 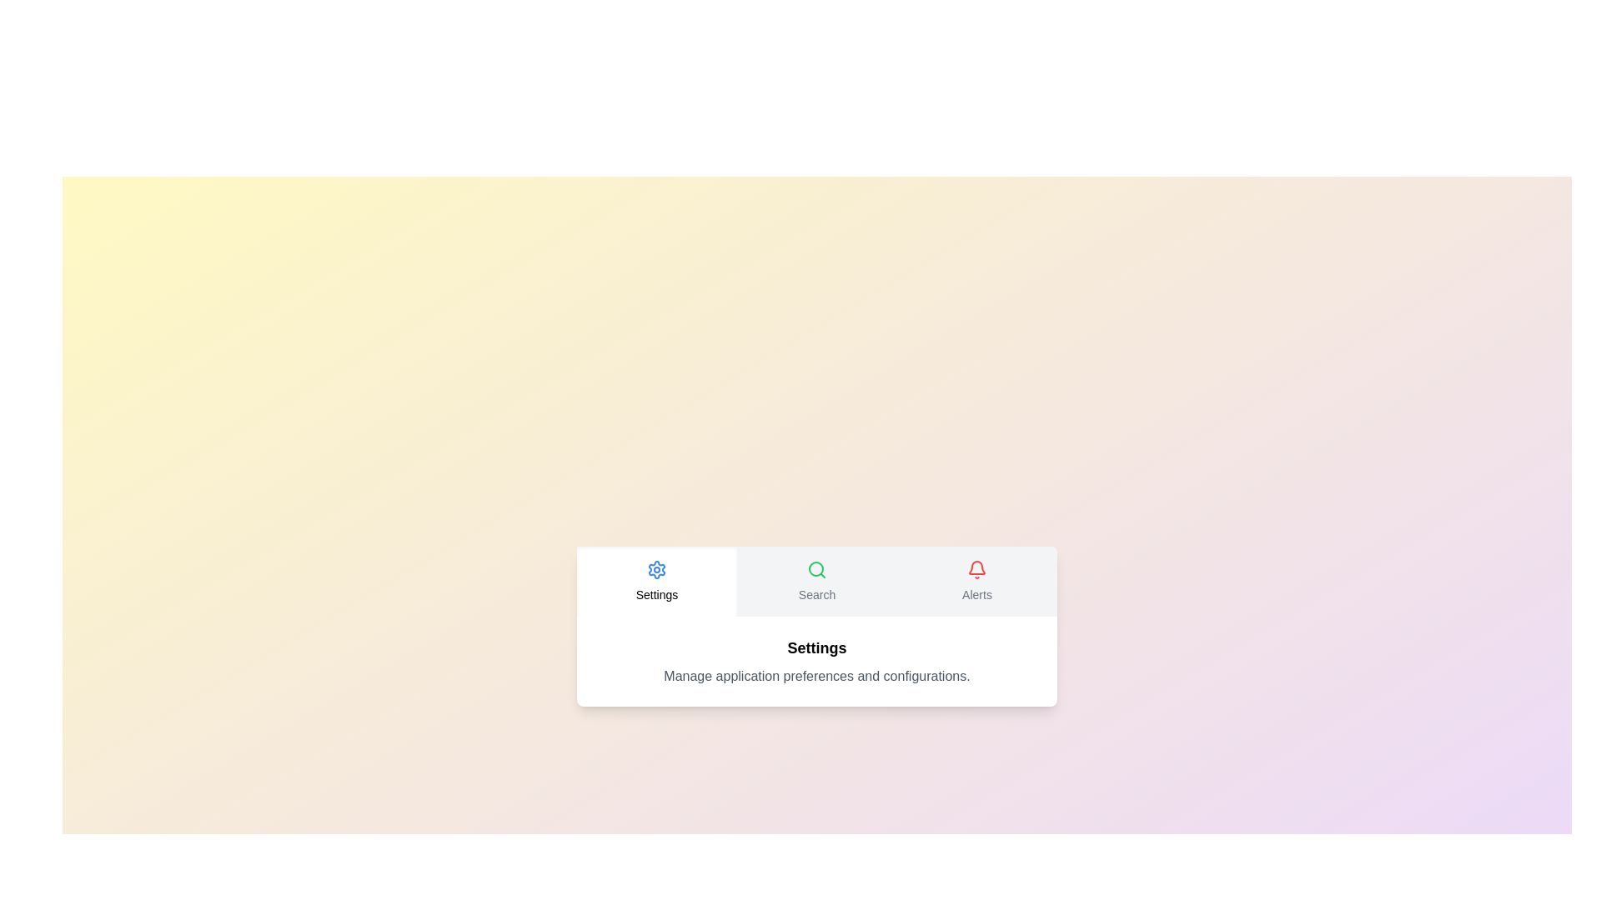 What do you see at coordinates (976, 581) in the screenshot?
I see `the tab labeled Alerts to change the active tab` at bounding box center [976, 581].